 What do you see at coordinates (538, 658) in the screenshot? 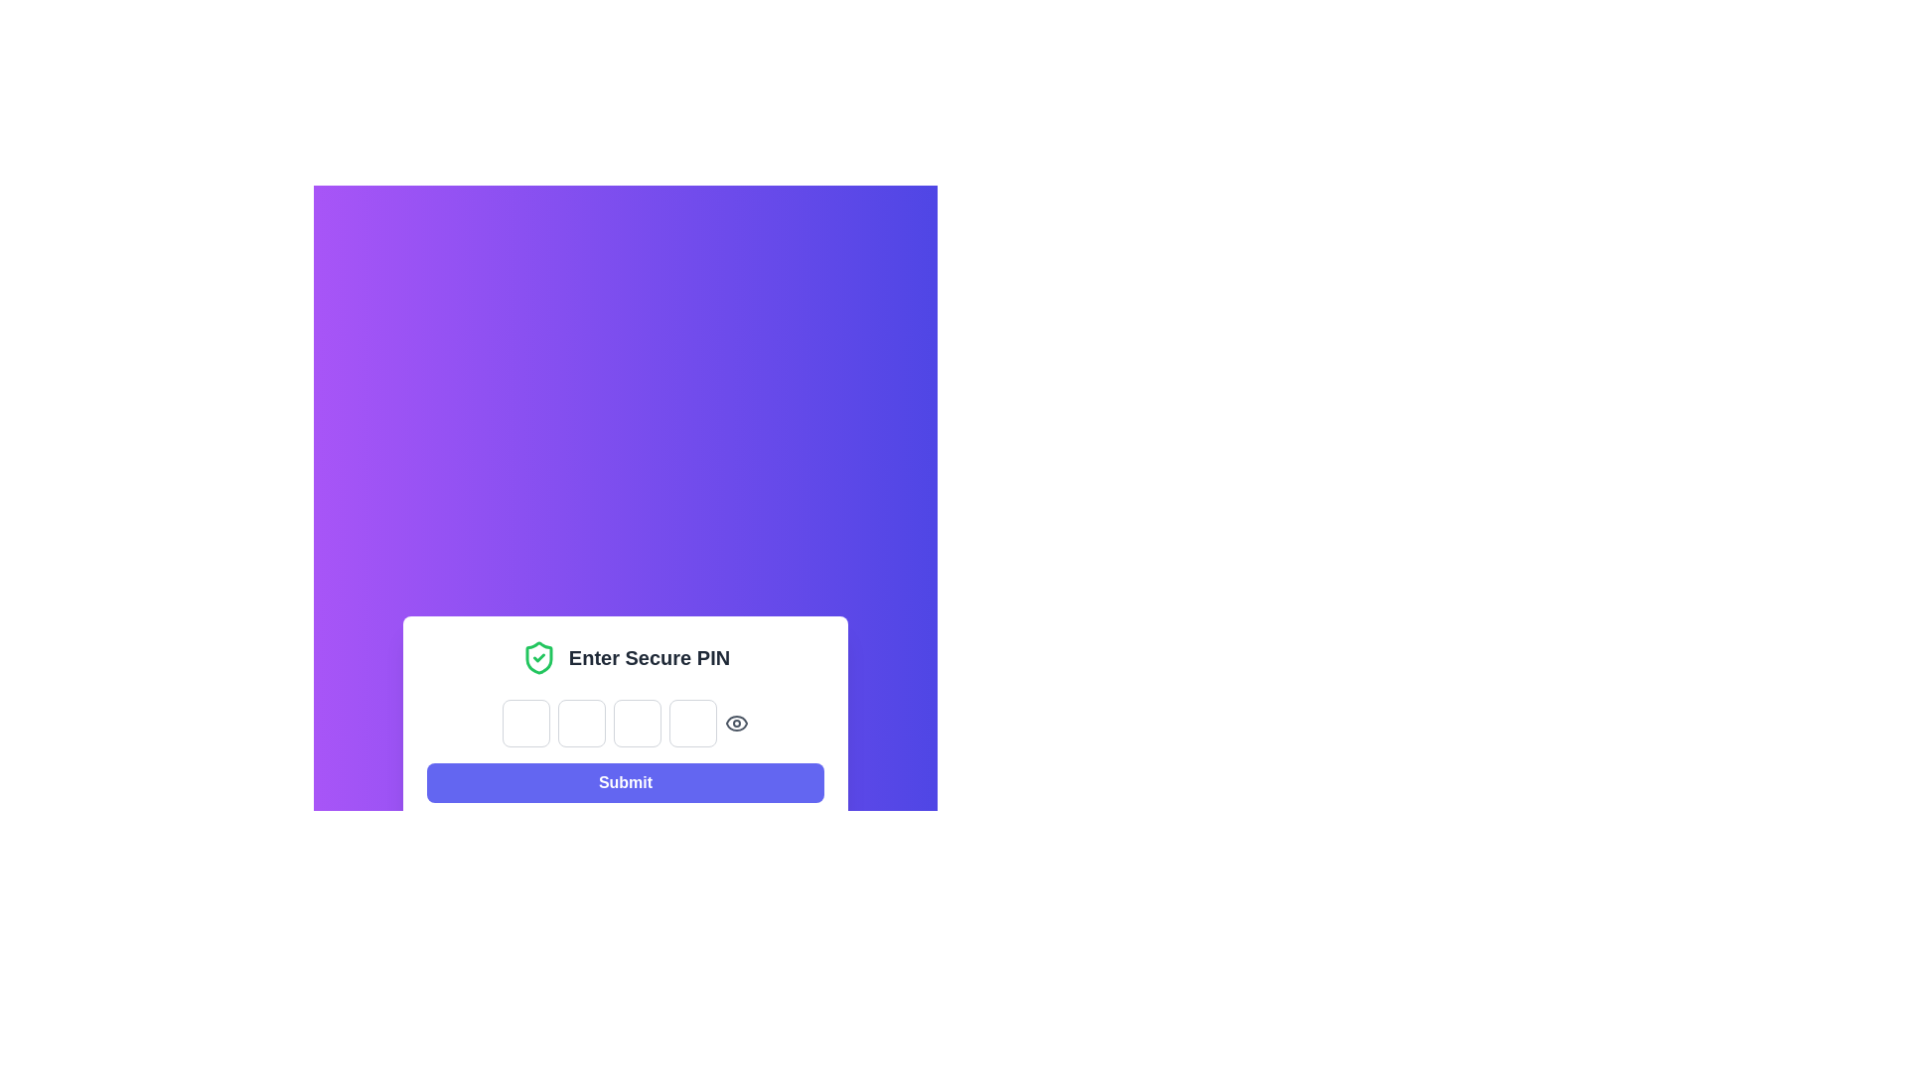
I see `the graphic icon that symbolizes security or confirmation, located to the left of the 'Enter Secure PIN' text` at bounding box center [538, 658].